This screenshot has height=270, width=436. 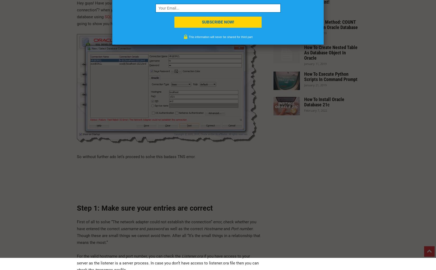 I want to click on 'as well as the correct', so click(x=165, y=228).